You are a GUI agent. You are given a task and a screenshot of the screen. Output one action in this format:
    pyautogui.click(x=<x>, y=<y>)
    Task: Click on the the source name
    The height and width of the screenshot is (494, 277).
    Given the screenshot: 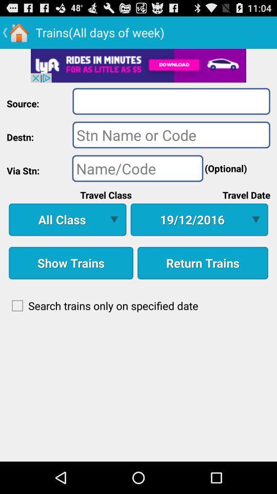 What is the action you would take?
    pyautogui.click(x=171, y=101)
    